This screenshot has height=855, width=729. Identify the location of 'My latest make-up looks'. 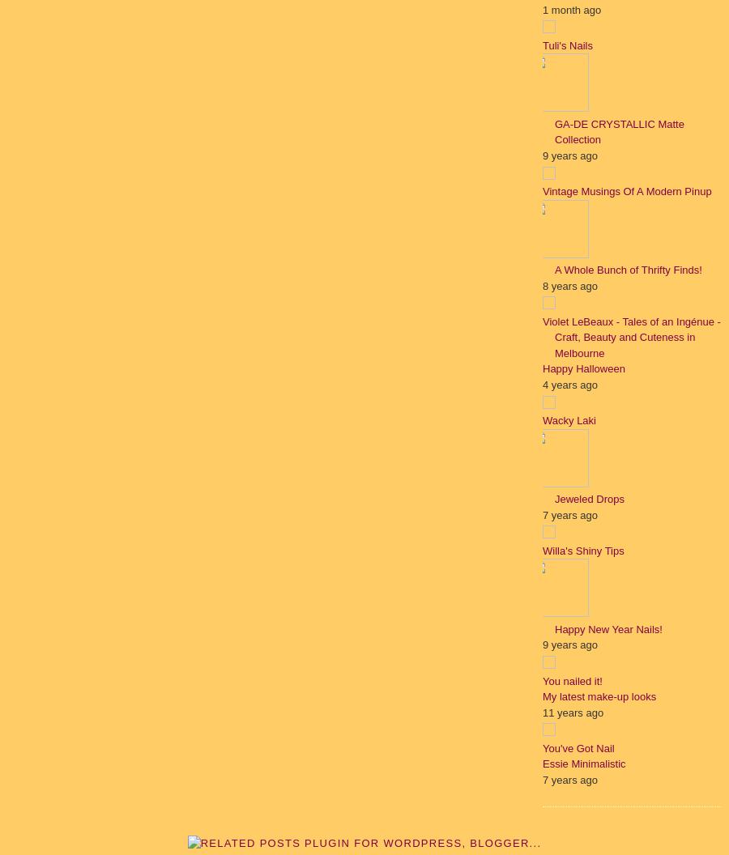
(598, 695).